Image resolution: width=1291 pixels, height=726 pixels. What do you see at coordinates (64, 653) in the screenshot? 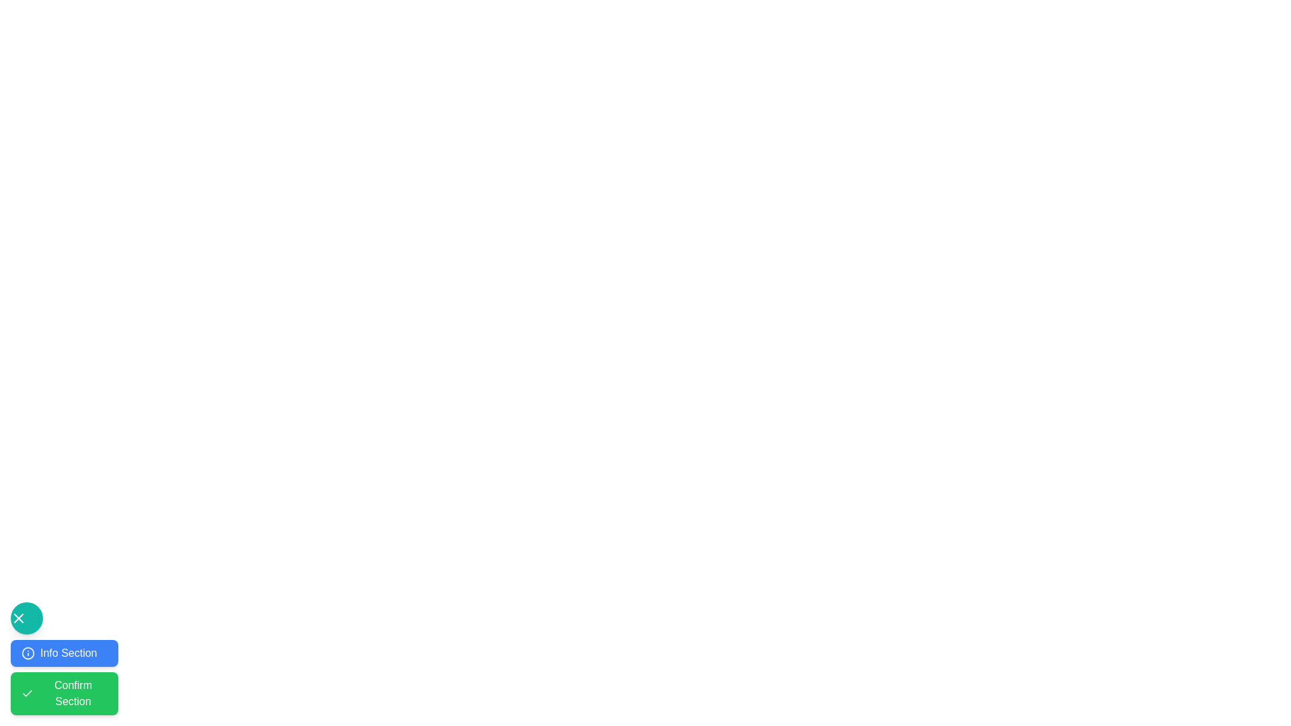
I see `the blue button labeled 'Info Section' with a circular information icon to its left, located in the left-middle area of the interface` at bounding box center [64, 653].